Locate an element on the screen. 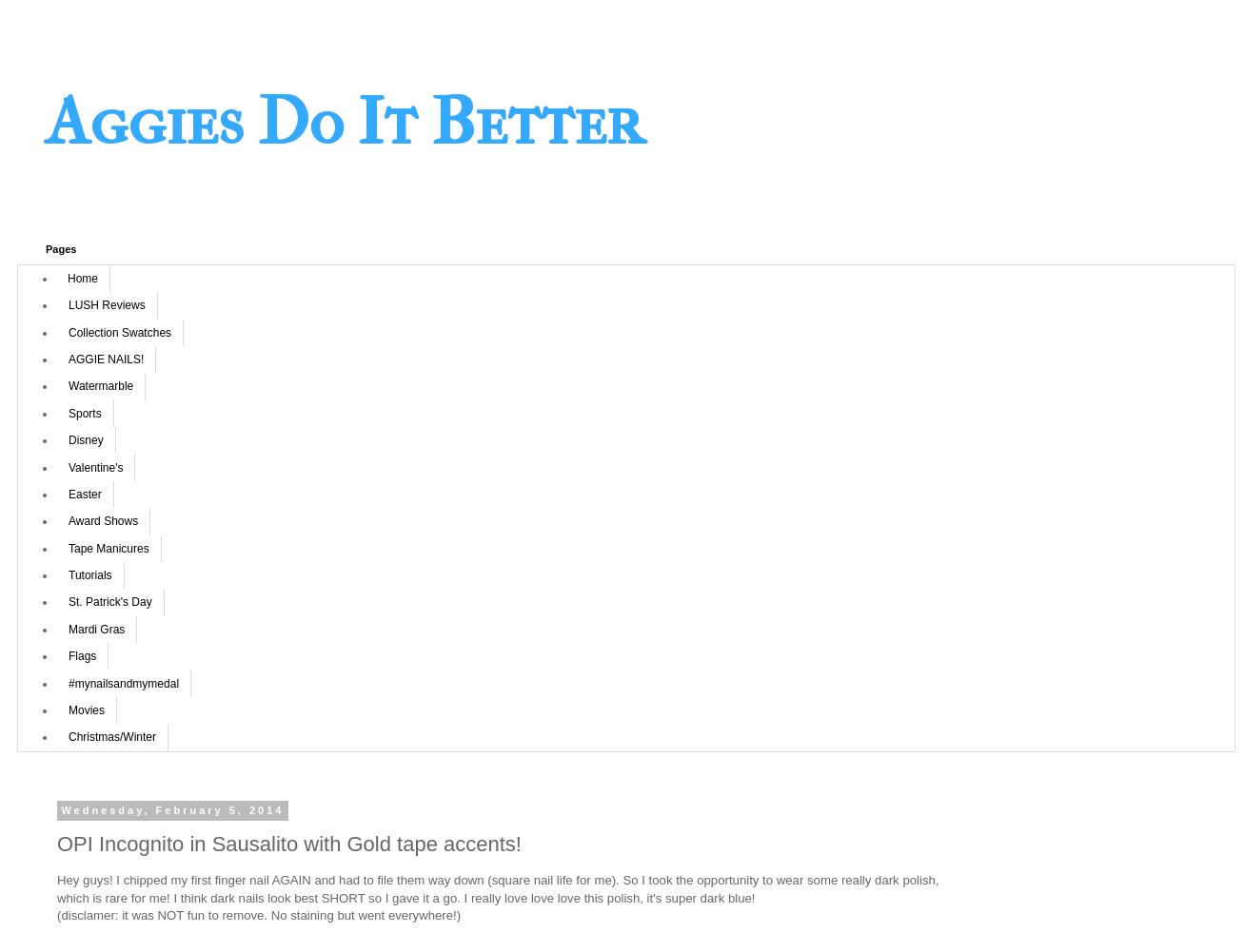  'Flags' is located at coordinates (81, 654).